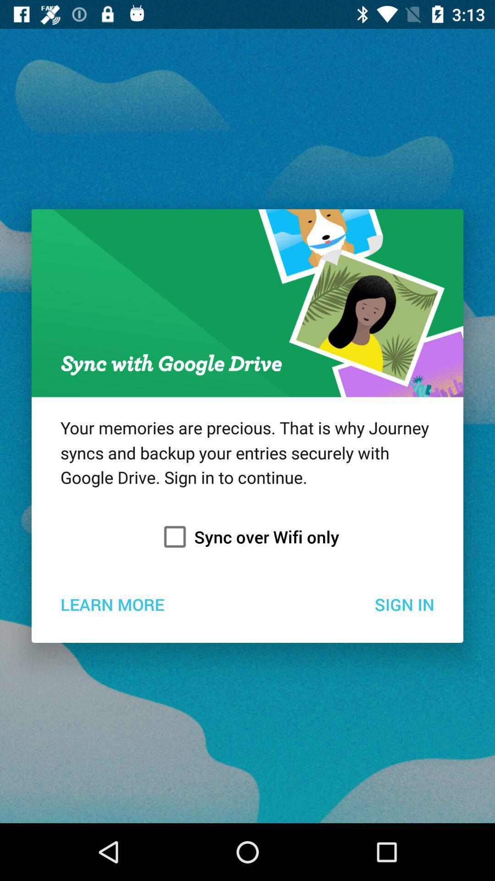 The width and height of the screenshot is (495, 881). Describe the element at coordinates (112, 604) in the screenshot. I see `the item to the left of the sign in` at that location.